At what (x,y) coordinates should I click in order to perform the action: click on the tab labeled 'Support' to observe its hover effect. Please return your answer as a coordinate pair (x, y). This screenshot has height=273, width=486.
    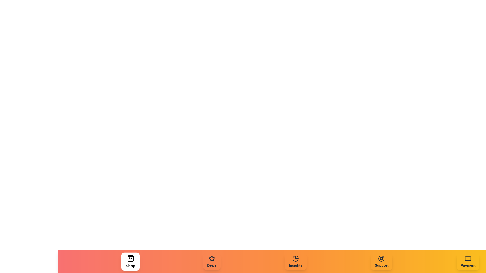
    Looking at the image, I should click on (381, 261).